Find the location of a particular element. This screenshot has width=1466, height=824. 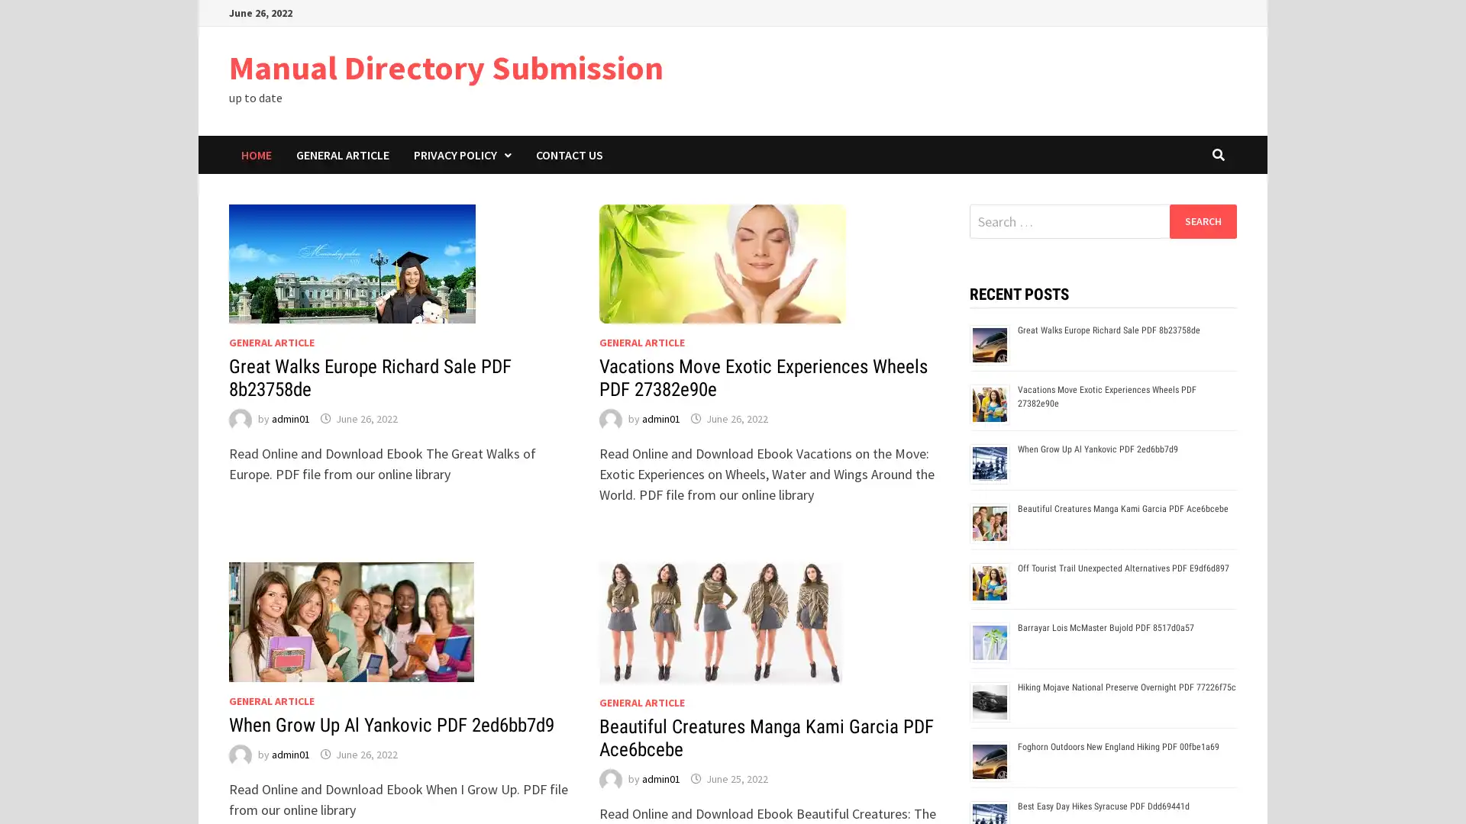

Search is located at coordinates (1202, 220).